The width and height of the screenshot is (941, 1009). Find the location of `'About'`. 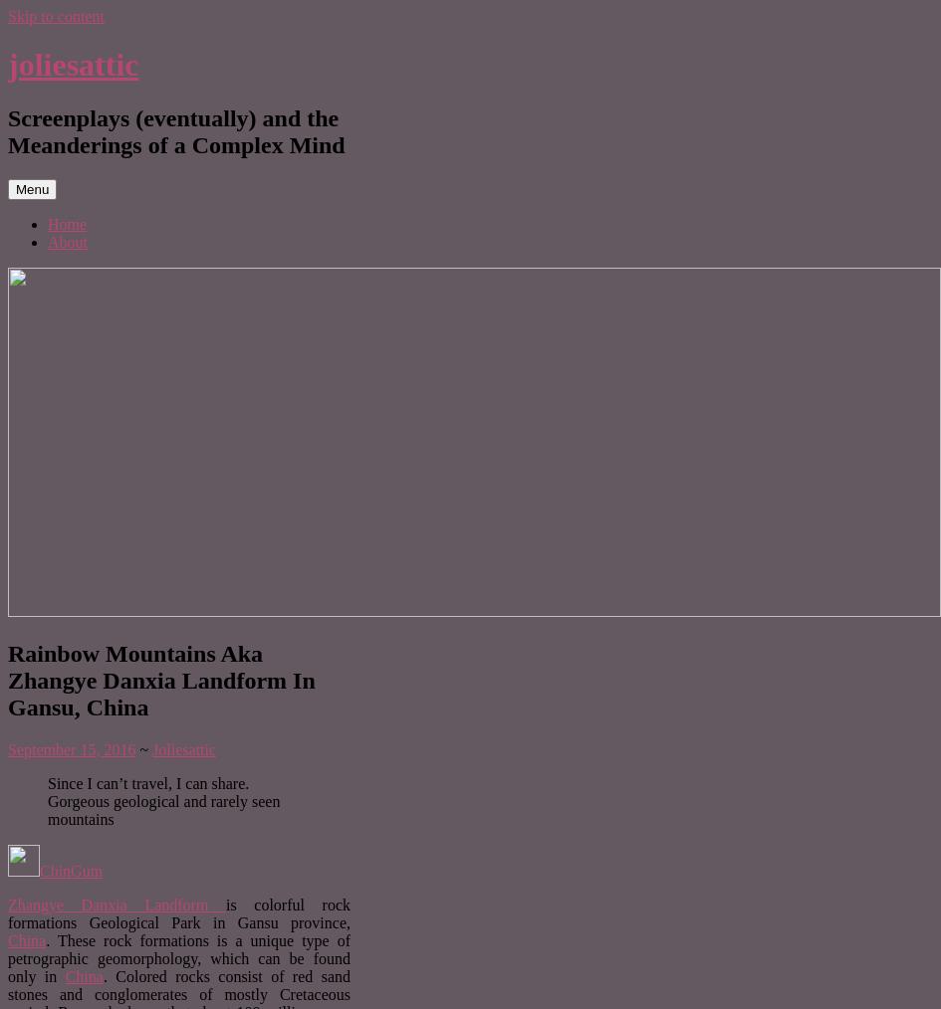

'About' is located at coordinates (48, 240).